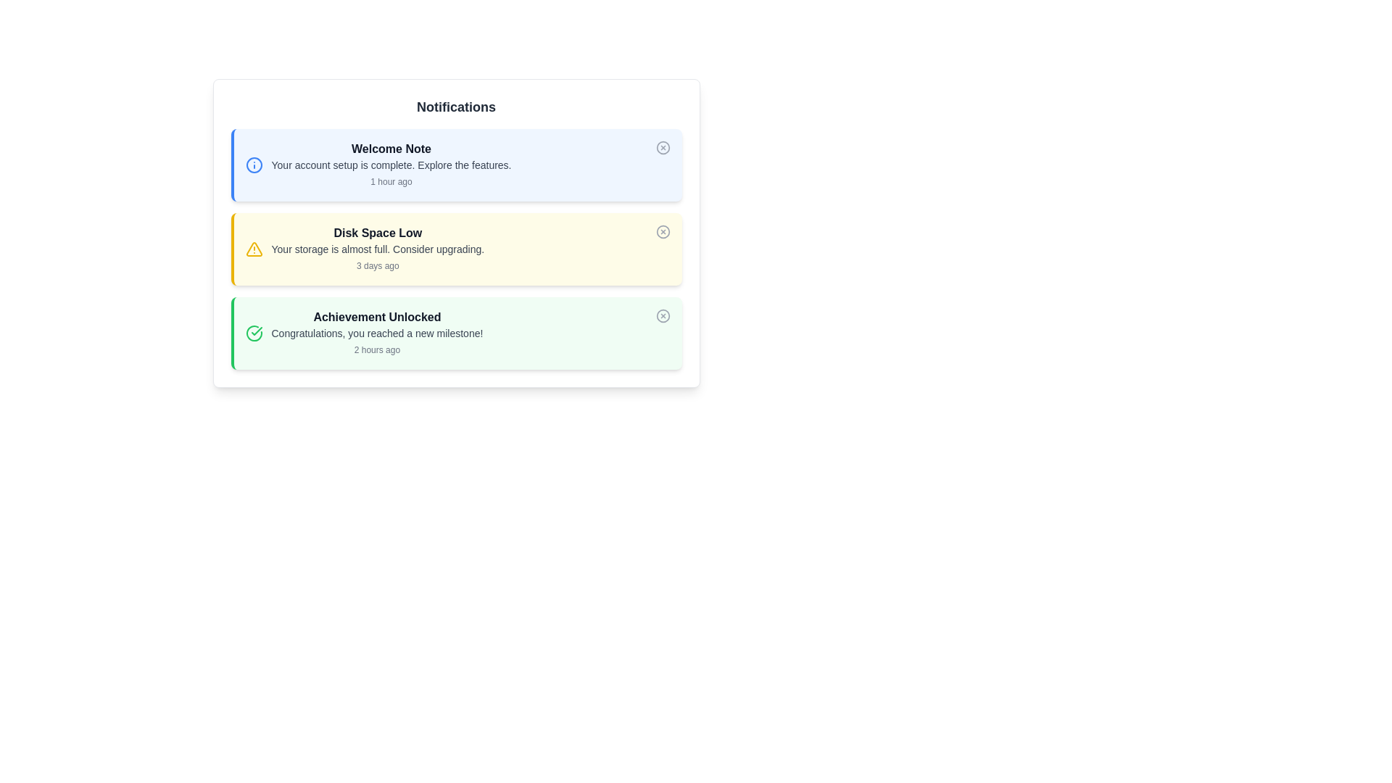 The image size is (1392, 783). I want to click on the timestamp text label located in the bottom-right section of the 'Achievement Unlocked' notification card, so click(377, 349).